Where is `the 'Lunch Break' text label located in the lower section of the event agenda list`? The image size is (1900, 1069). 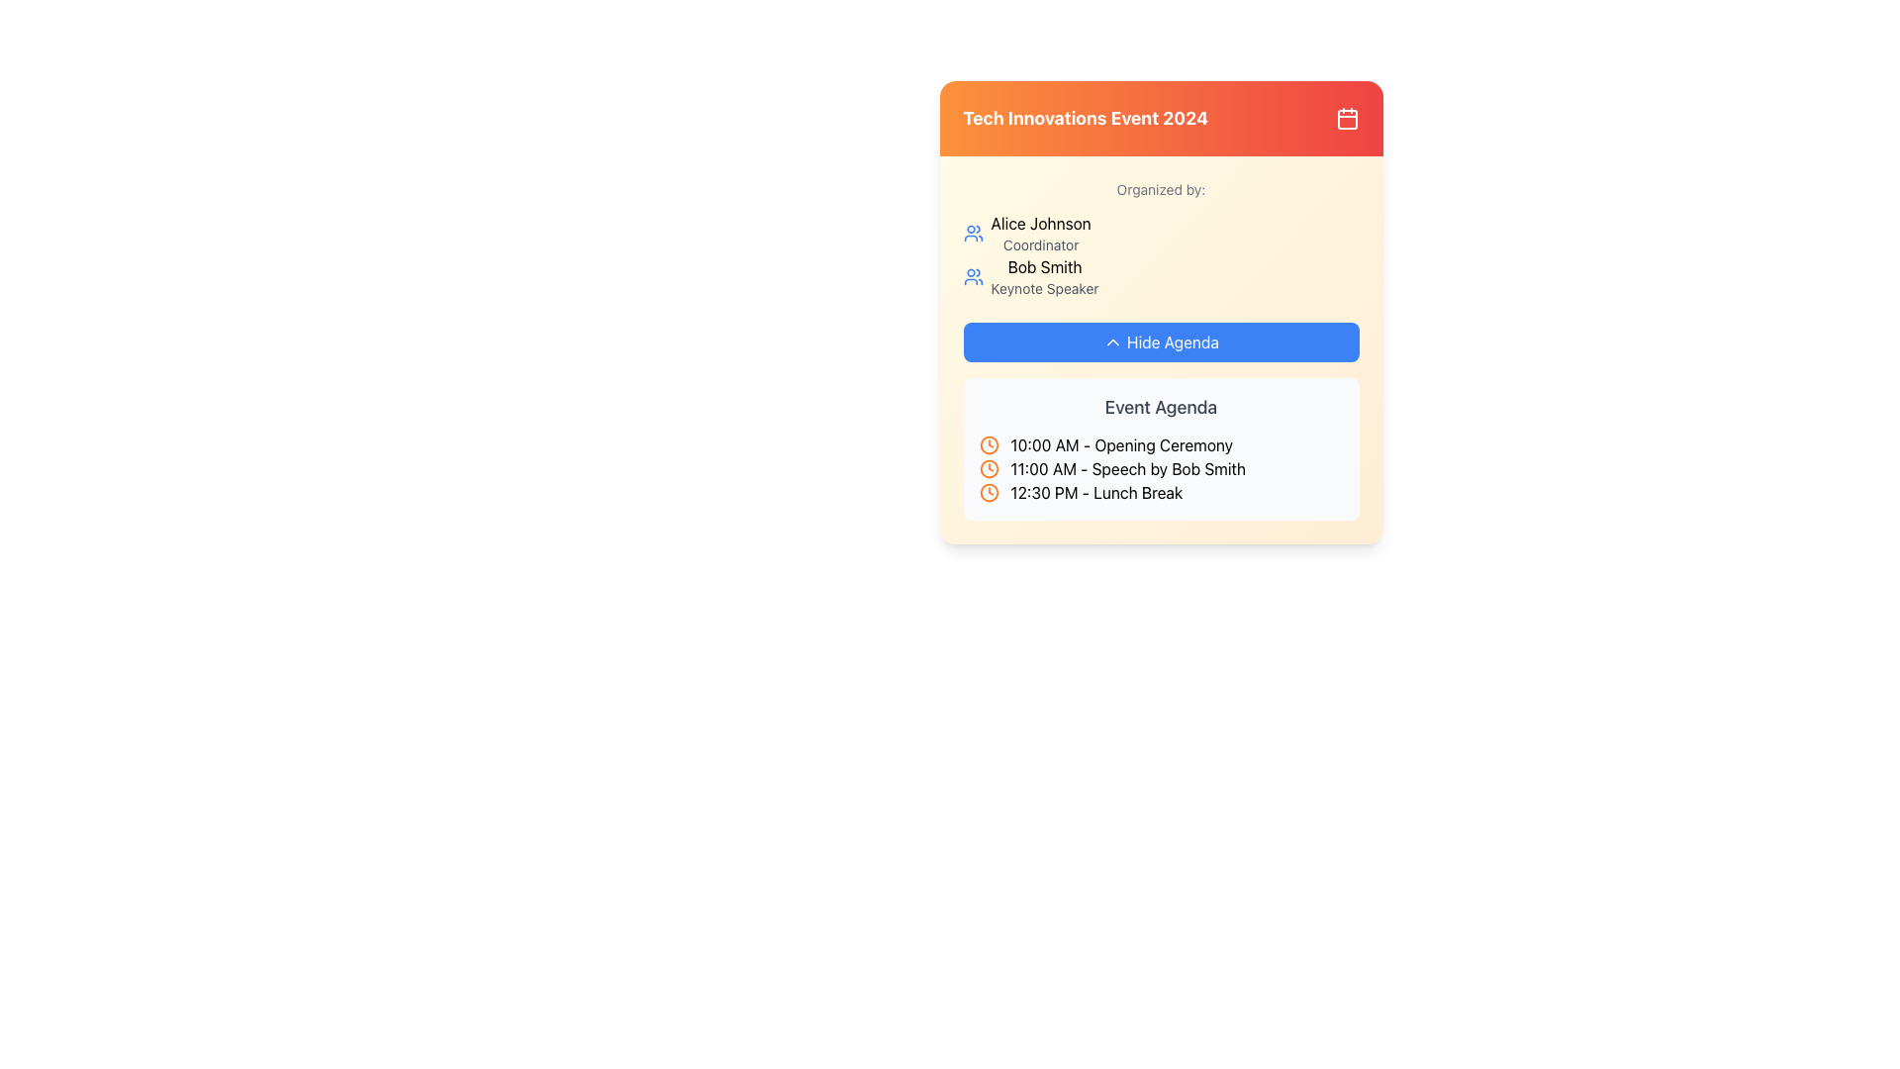
the 'Lunch Break' text label located in the lower section of the event agenda list is located at coordinates (1095, 491).